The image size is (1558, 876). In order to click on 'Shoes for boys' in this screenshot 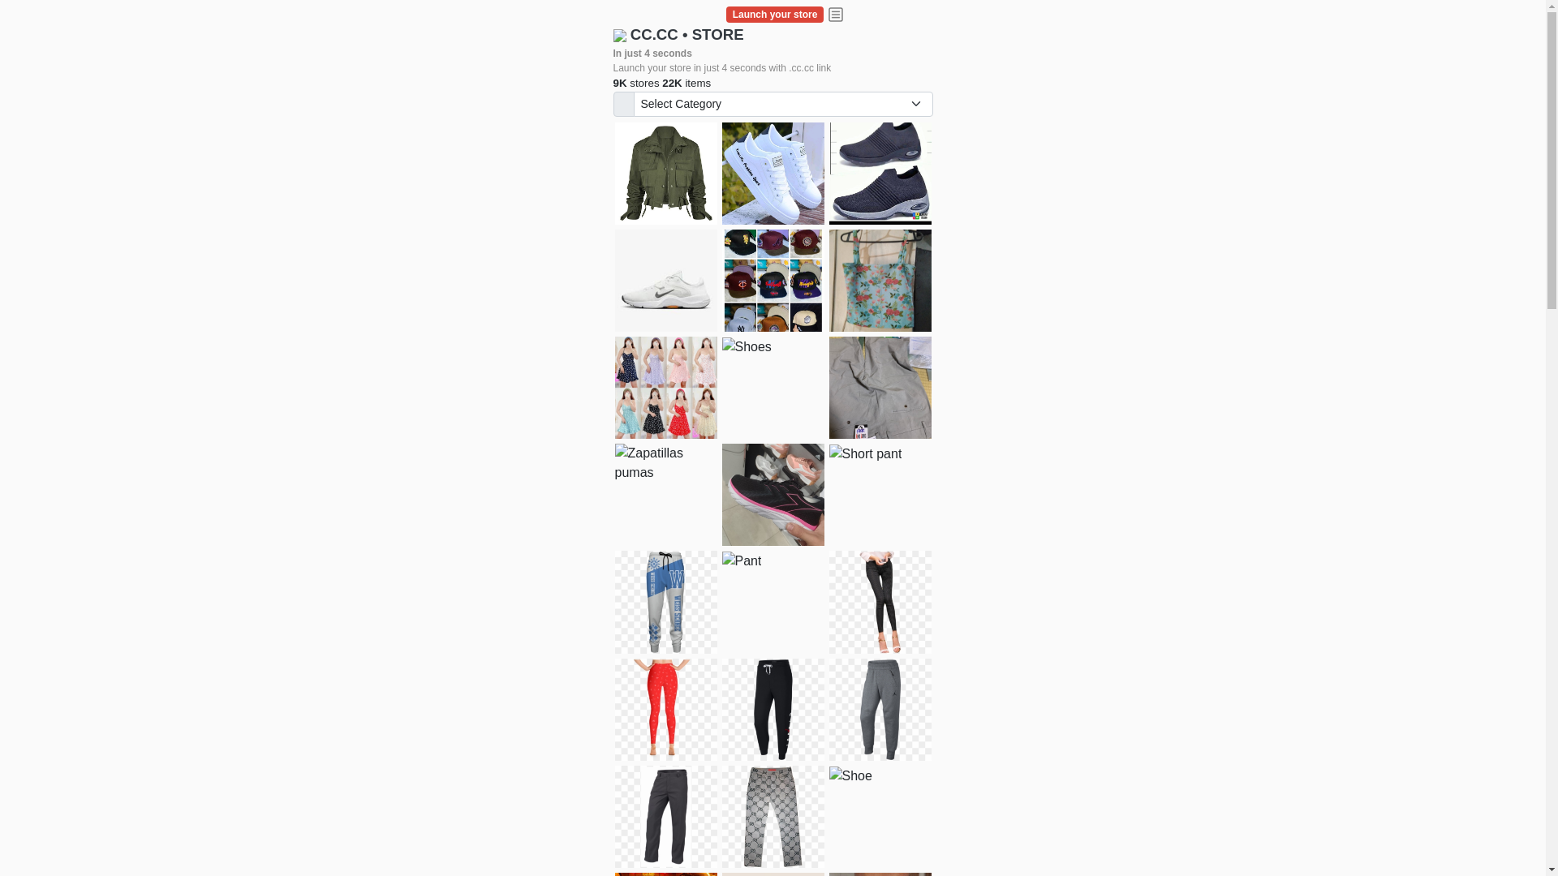, I will do `click(614, 280)`.